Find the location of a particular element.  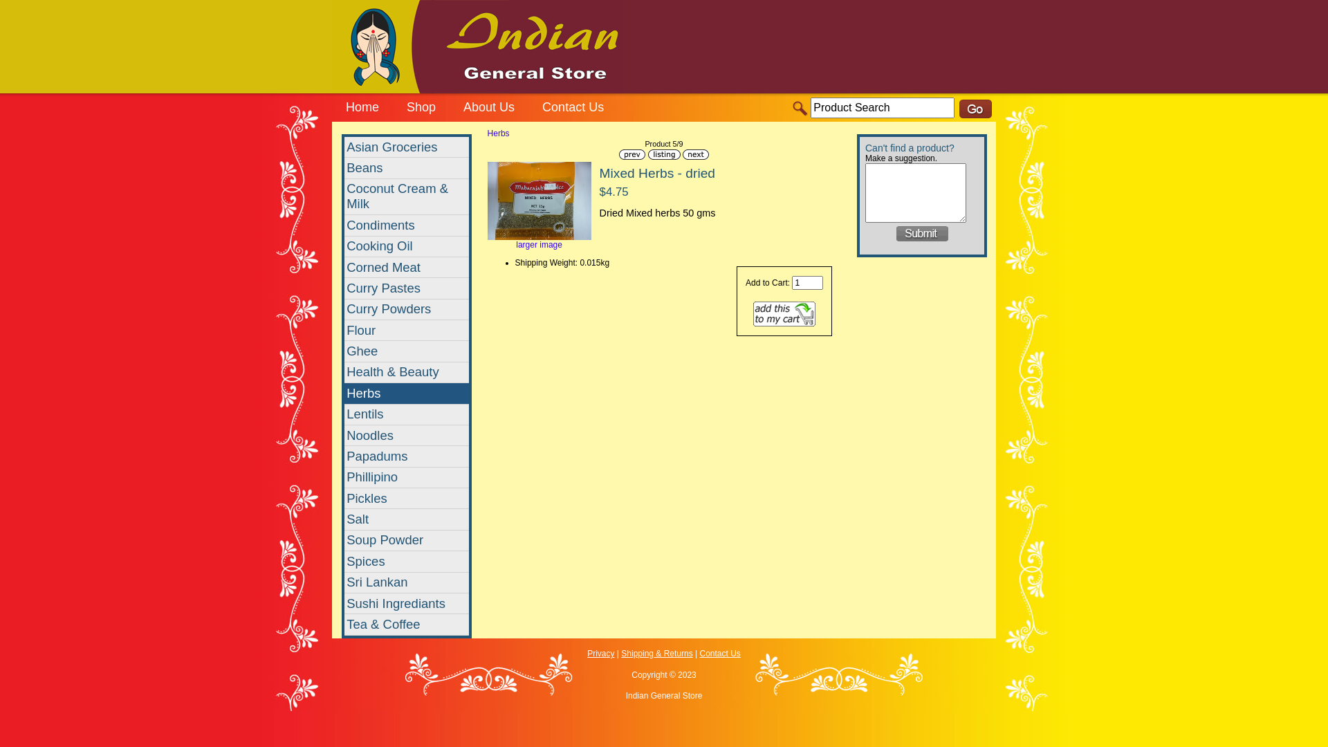

'Curry Pastes' is located at coordinates (406, 287).